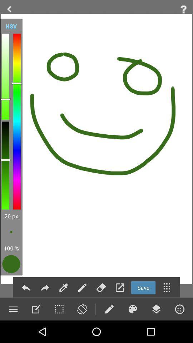  Describe the element at coordinates (64, 288) in the screenshot. I see `pin option` at that location.